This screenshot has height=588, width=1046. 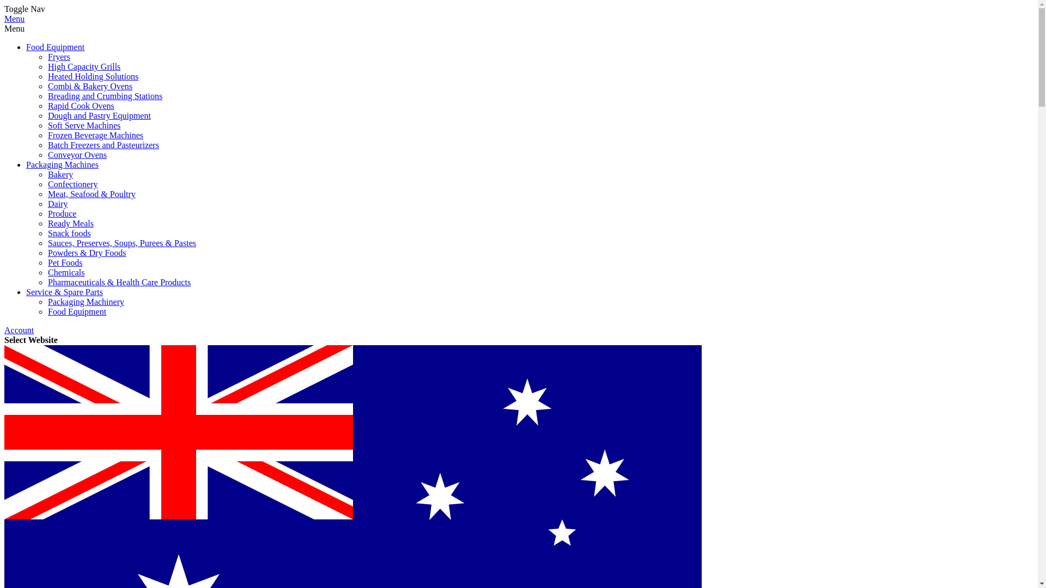 I want to click on 'Packaging Machines', so click(x=62, y=164).